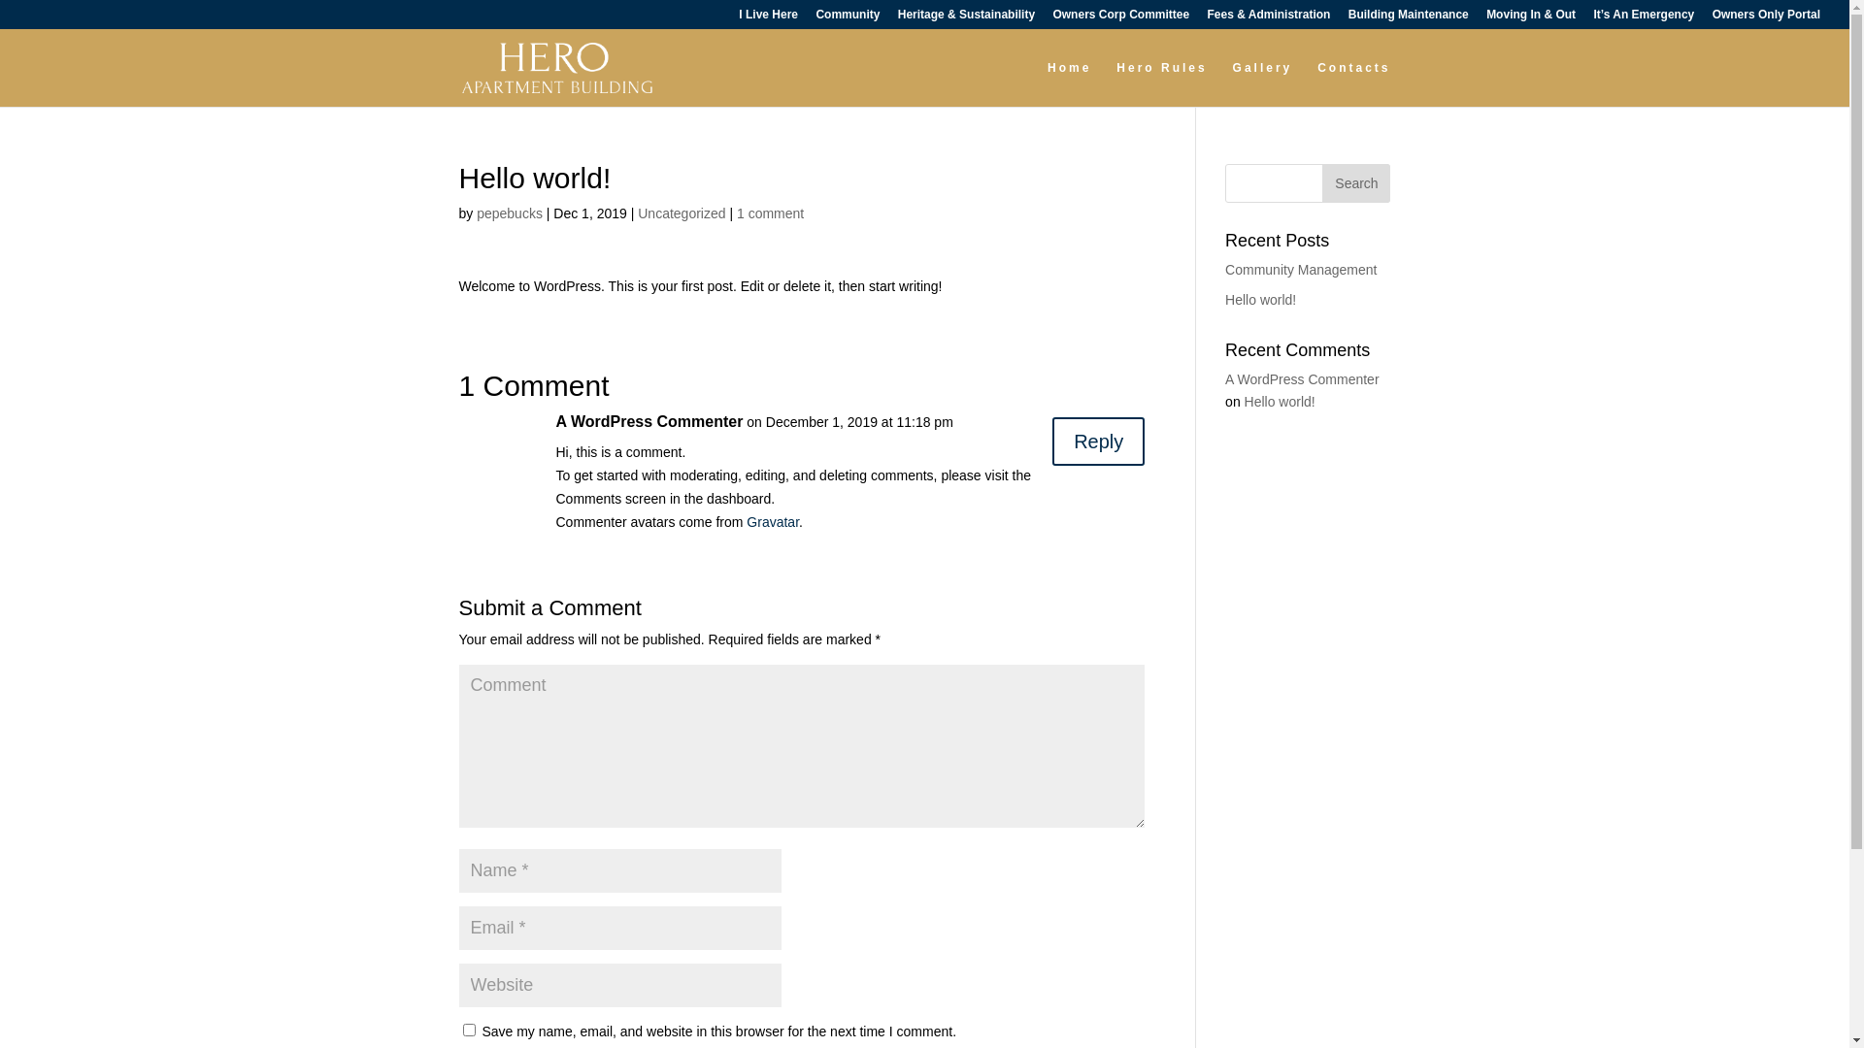 This screenshot has height=1048, width=1864. I want to click on 'Contacts', so click(1352, 82).